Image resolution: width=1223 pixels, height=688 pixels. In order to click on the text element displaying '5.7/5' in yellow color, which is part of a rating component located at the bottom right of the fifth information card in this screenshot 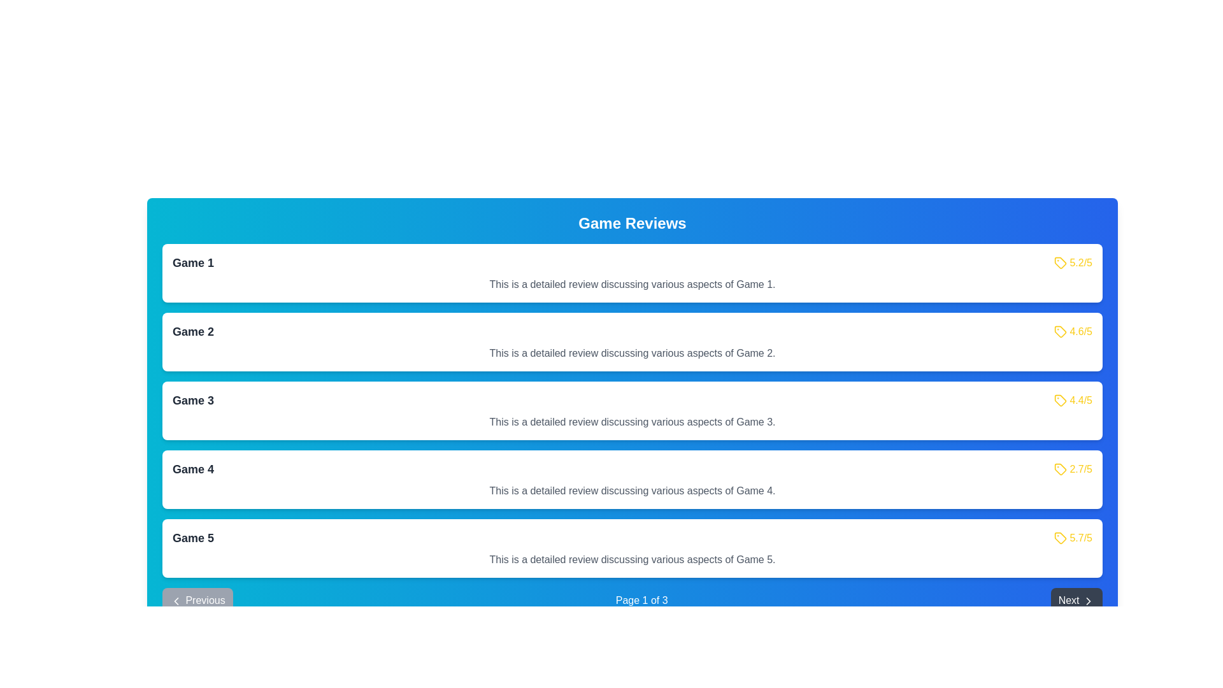, I will do `click(1080, 538)`.